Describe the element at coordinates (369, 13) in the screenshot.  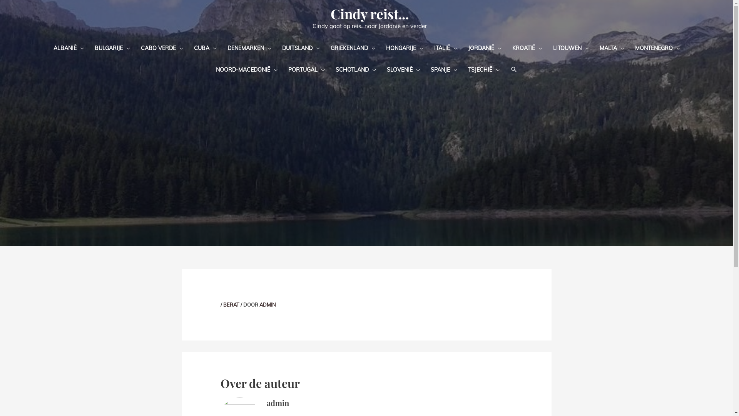
I see `'Cindy reist...'` at that location.